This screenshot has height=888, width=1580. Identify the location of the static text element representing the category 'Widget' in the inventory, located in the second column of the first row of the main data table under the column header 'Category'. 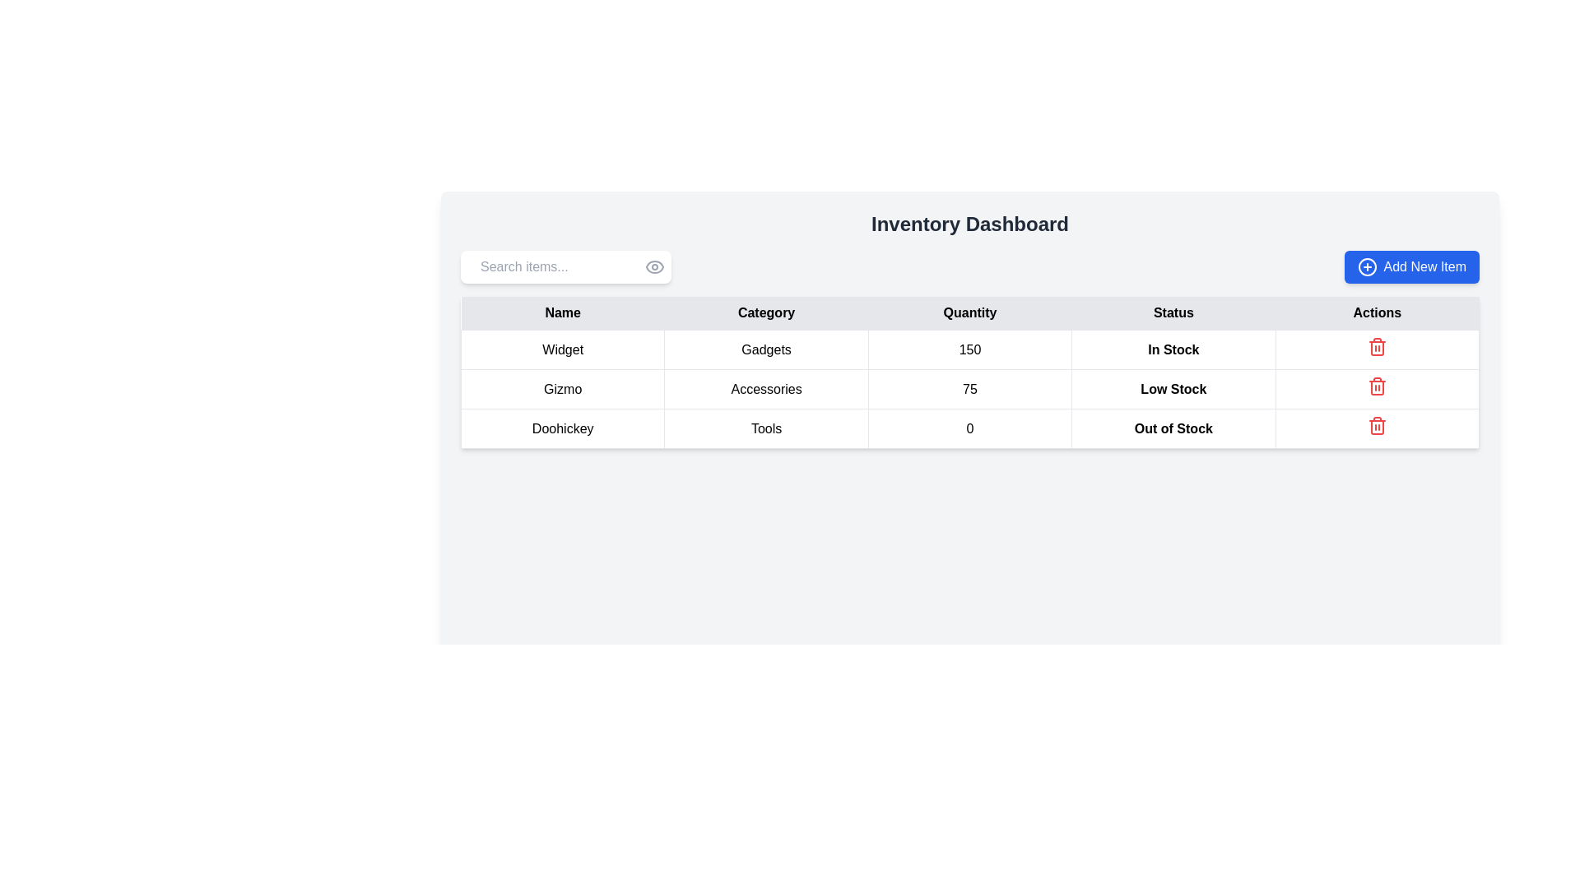
(765, 349).